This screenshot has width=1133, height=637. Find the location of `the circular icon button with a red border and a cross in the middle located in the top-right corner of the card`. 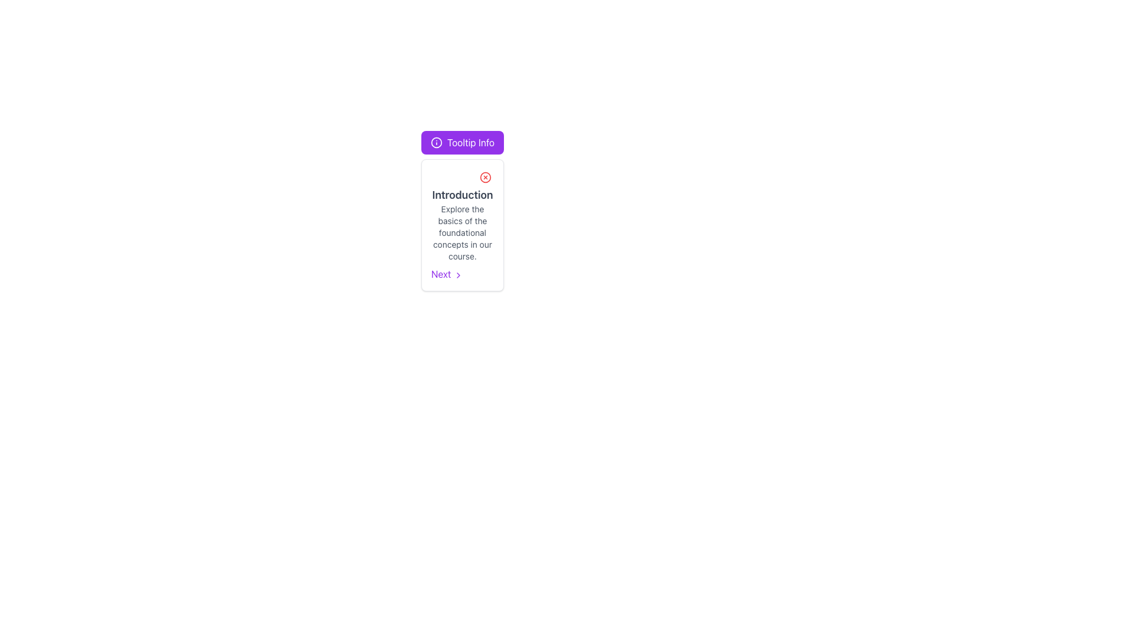

the circular icon button with a red border and a cross in the middle located in the top-right corner of the card is located at coordinates (486, 177).